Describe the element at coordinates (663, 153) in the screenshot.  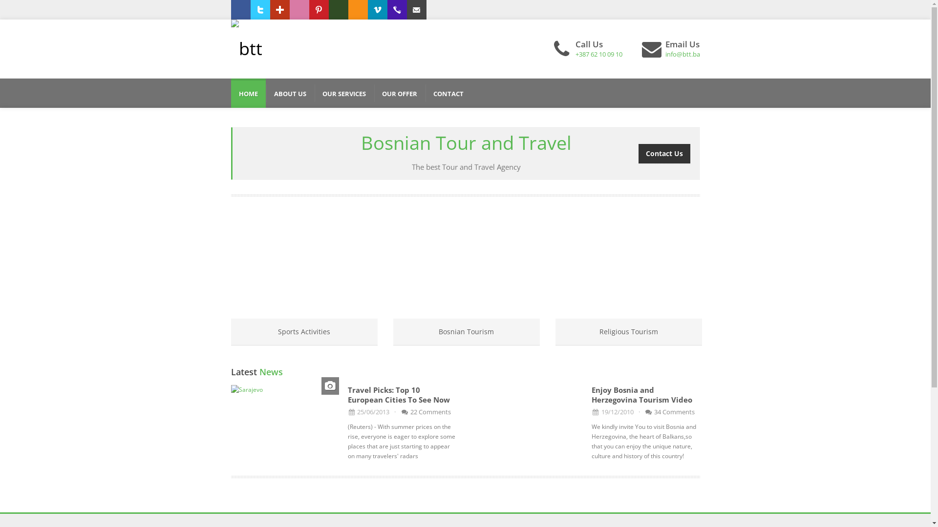
I see `'Contact Us'` at that location.